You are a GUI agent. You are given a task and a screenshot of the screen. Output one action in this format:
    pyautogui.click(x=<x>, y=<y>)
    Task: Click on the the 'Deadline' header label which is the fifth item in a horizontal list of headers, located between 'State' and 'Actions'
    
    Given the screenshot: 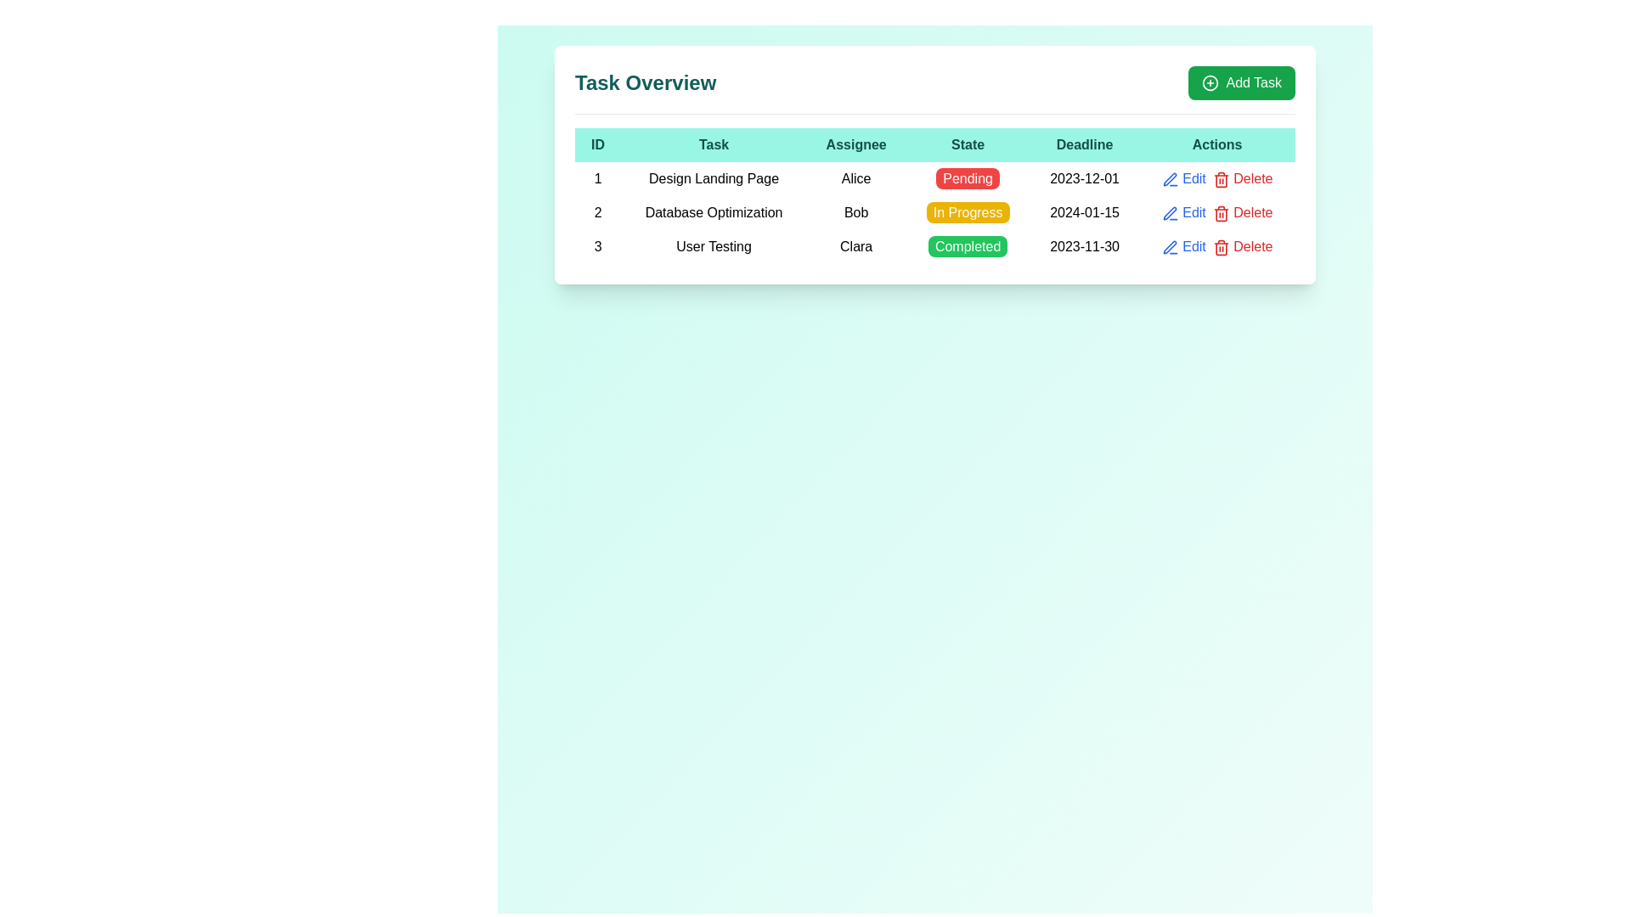 What is the action you would take?
    pyautogui.click(x=1083, y=143)
    